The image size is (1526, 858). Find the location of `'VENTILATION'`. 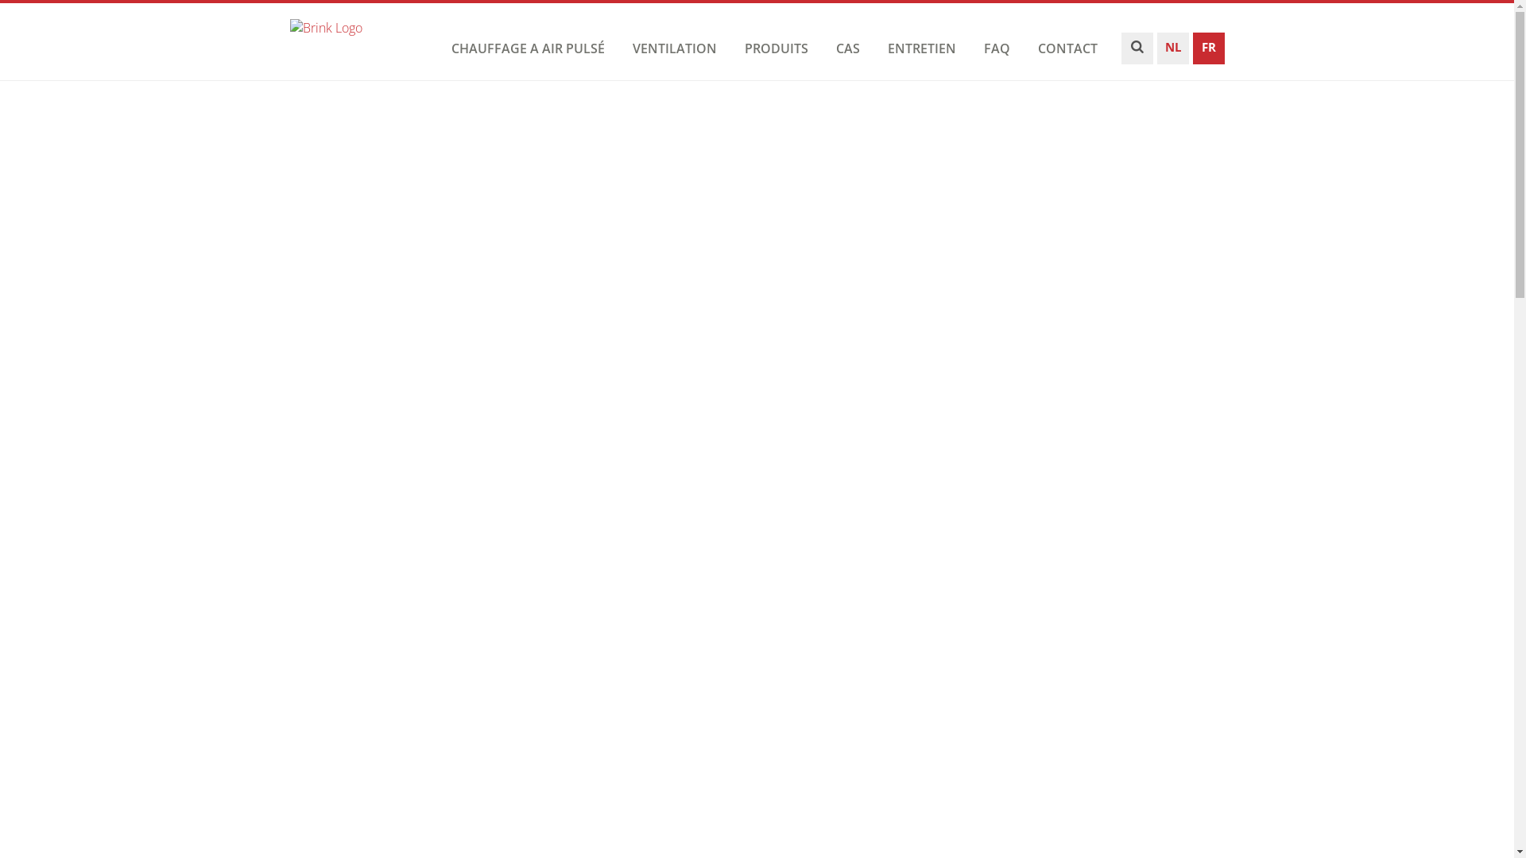

'VENTILATION' is located at coordinates (674, 48).